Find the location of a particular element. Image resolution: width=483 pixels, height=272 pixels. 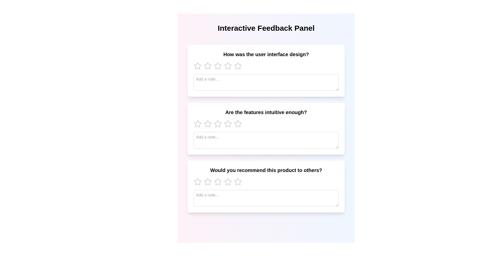

the rating for a feedback prompt to 3 stars is located at coordinates (218, 66).